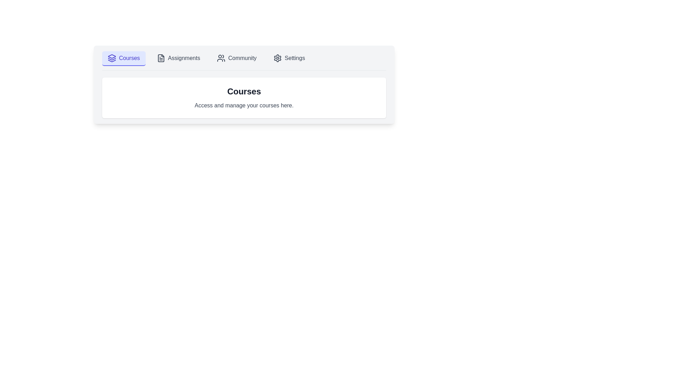  What do you see at coordinates (242, 58) in the screenshot?
I see `text of the 'Community' navigation label, which is the third item in the horizontal navigation bar located at the top of the interface` at bounding box center [242, 58].